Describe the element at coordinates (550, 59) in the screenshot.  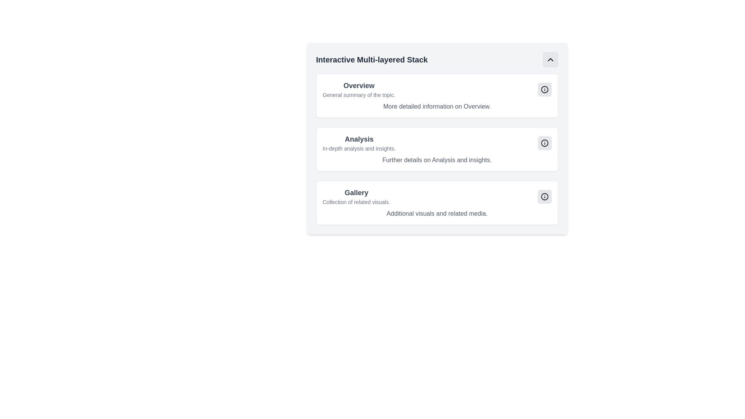
I see `the button with a light gray background and a black chevron-up icon located at the top-right corner of the 'Interactive Multi-layered Stack' section` at that location.